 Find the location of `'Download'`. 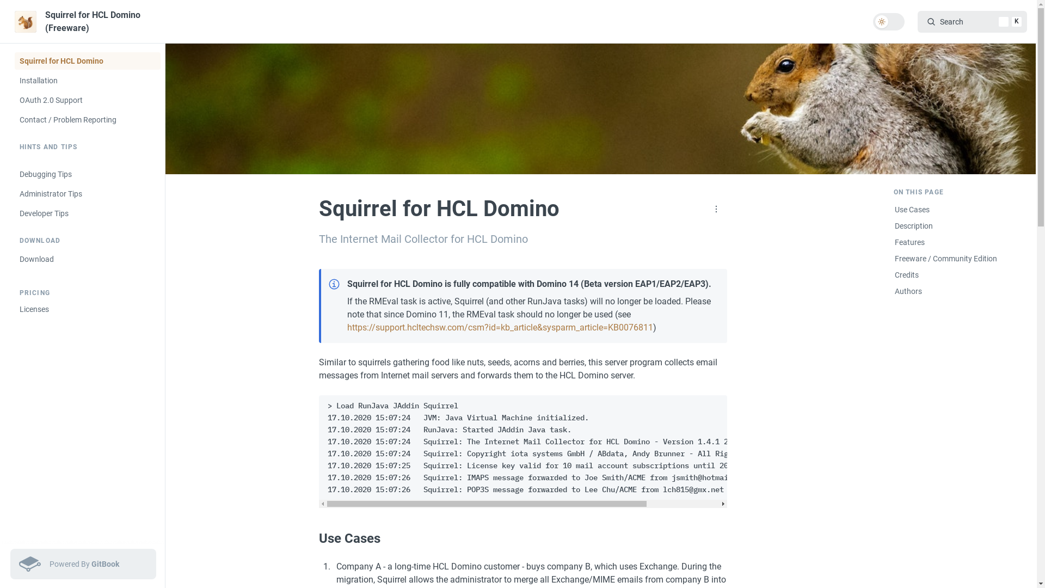

'Download' is located at coordinates (14, 259).